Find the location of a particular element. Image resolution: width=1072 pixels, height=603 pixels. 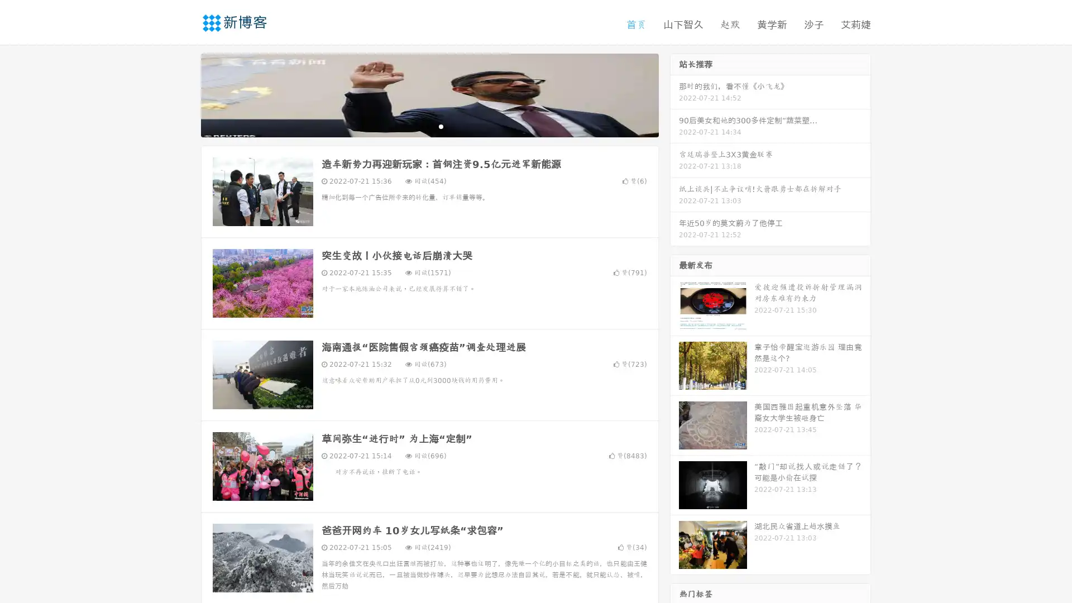

Go to slide 2 is located at coordinates (429, 126).